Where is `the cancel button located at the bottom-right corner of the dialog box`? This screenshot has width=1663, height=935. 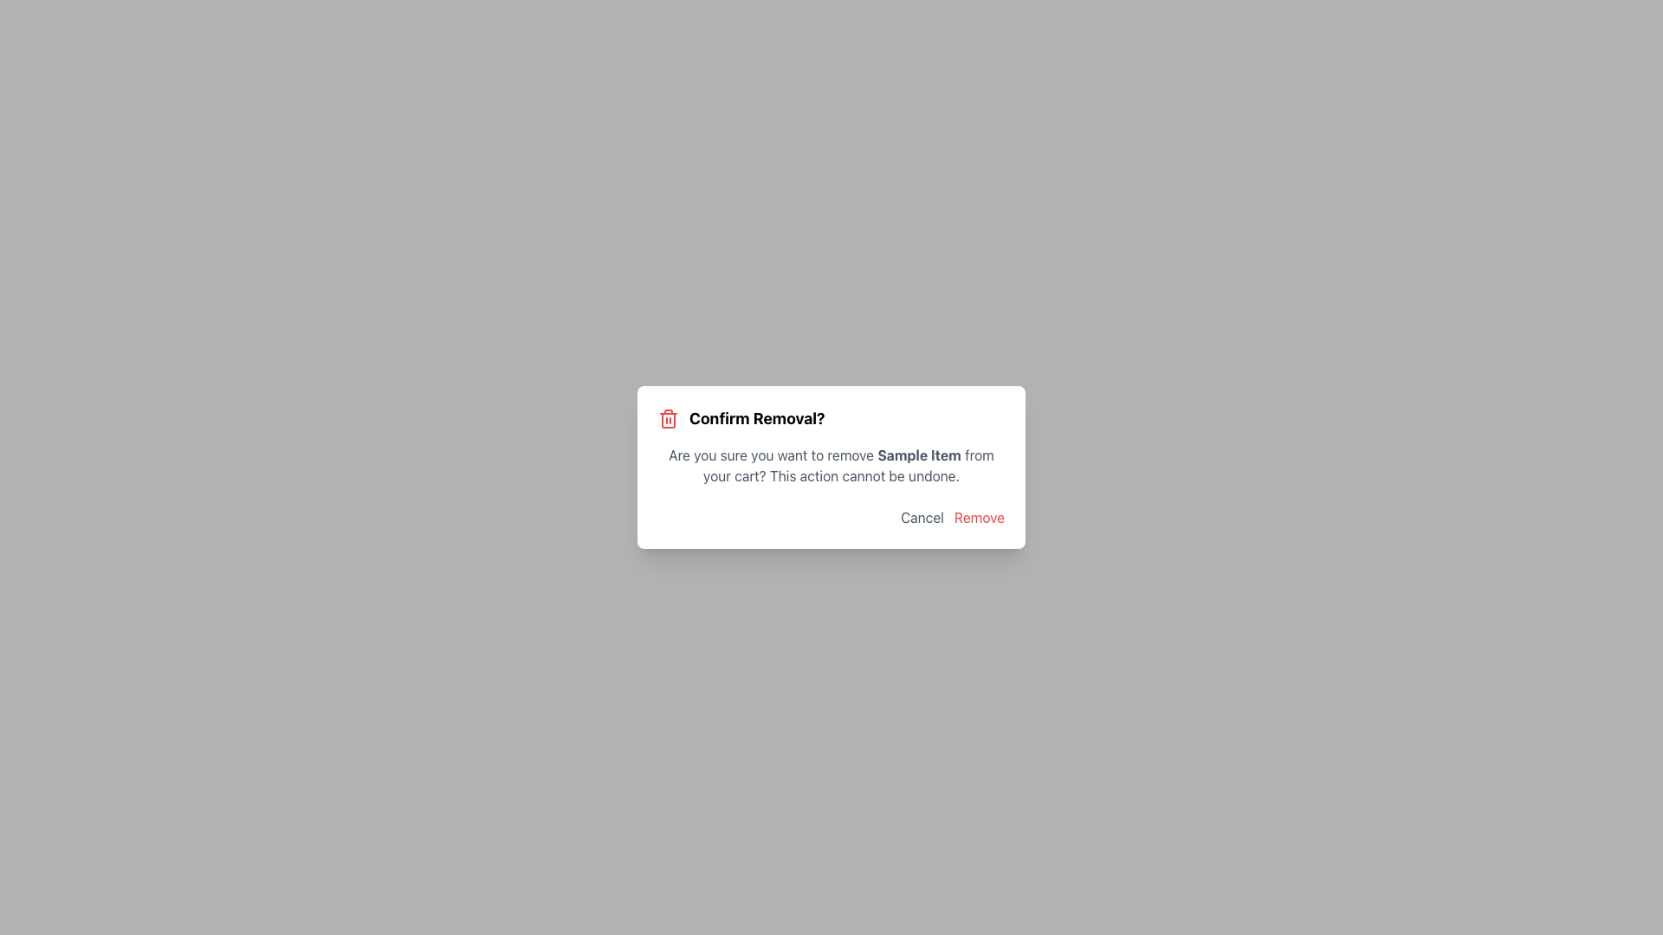
the cancel button located at the bottom-right corner of the dialog box is located at coordinates (922, 516).